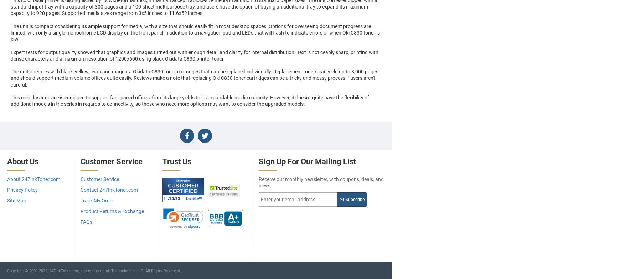  What do you see at coordinates (22, 189) in the screenshot?
I see `'Privacy Policy'` at bounding box center [22, 189].